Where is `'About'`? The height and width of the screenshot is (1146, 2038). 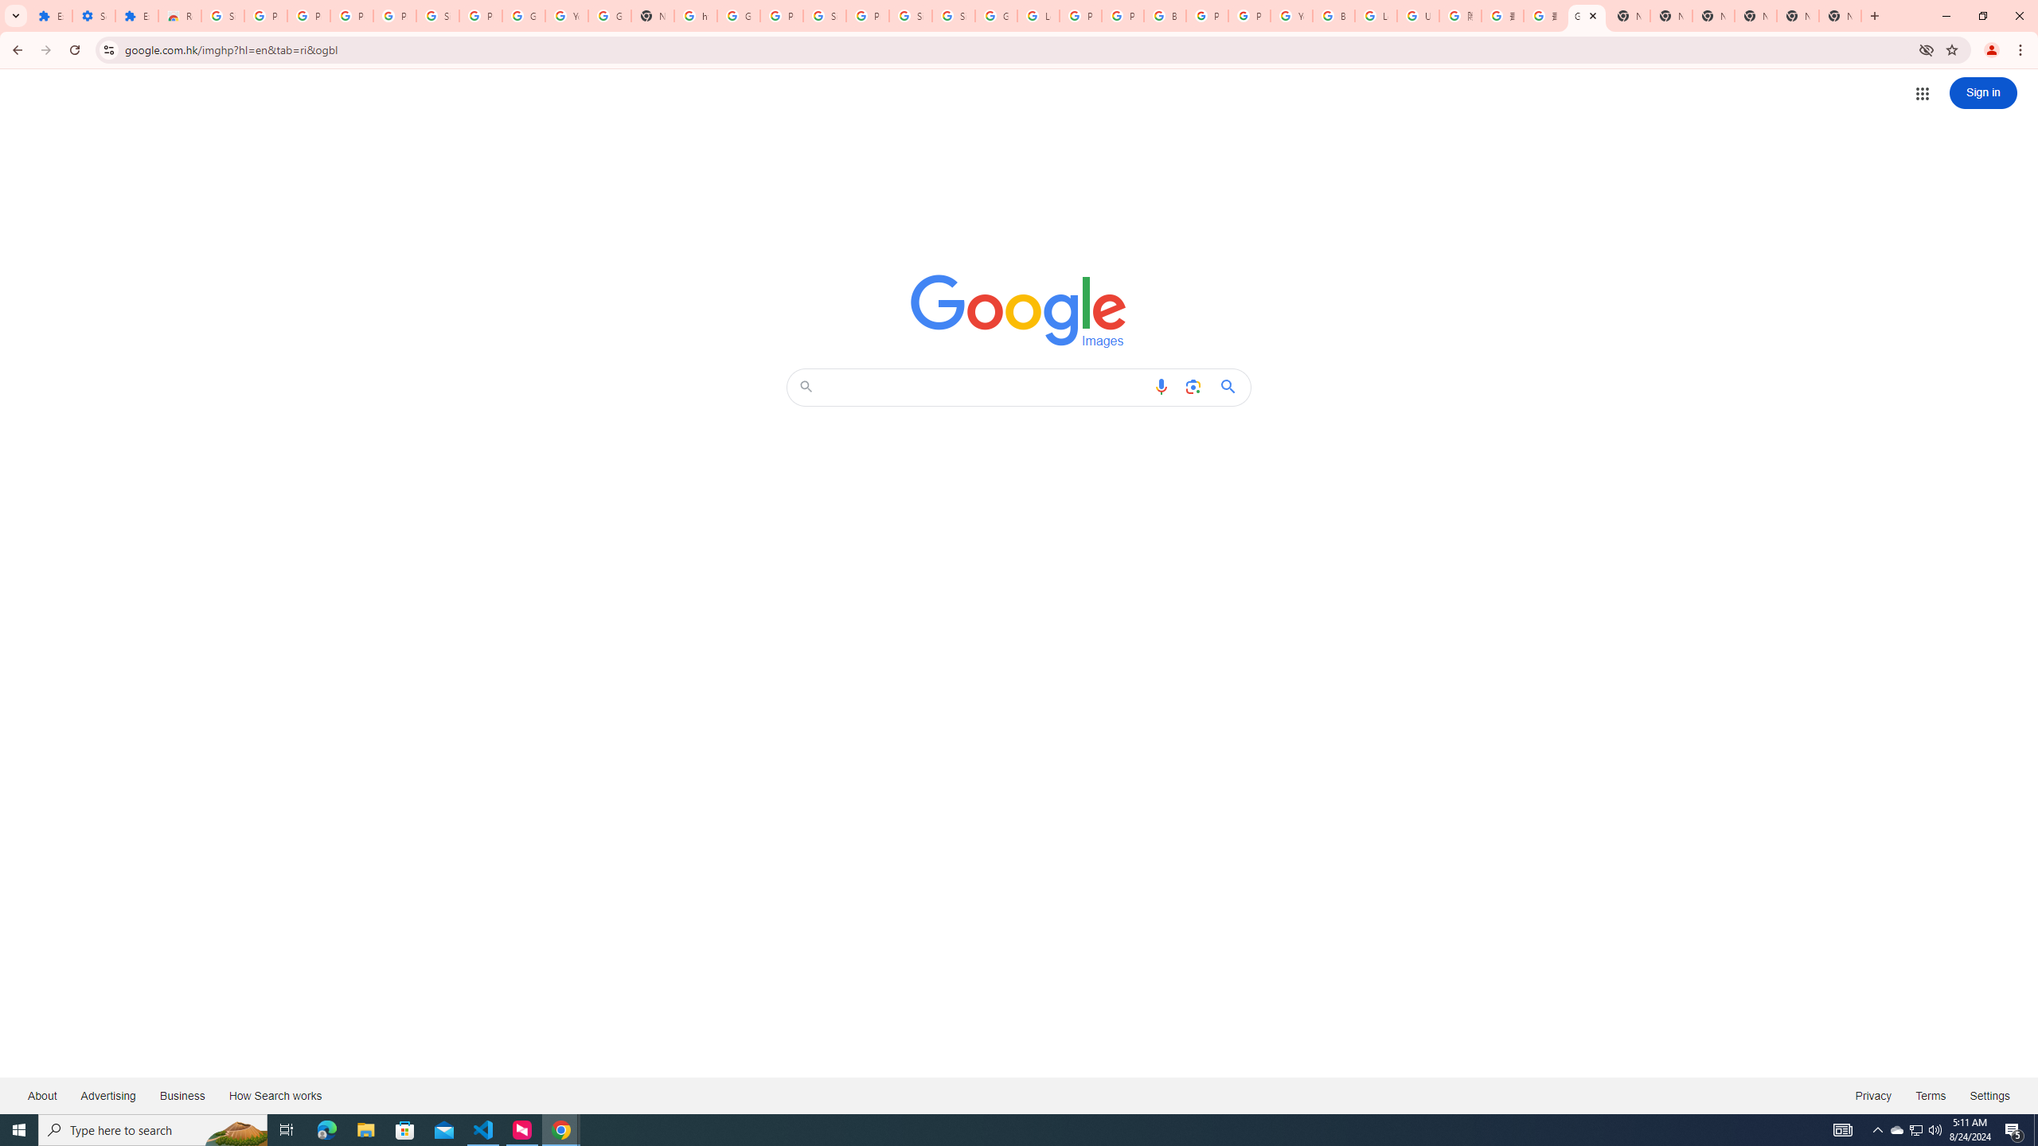 'About' is located at coordinates (41, 1094).